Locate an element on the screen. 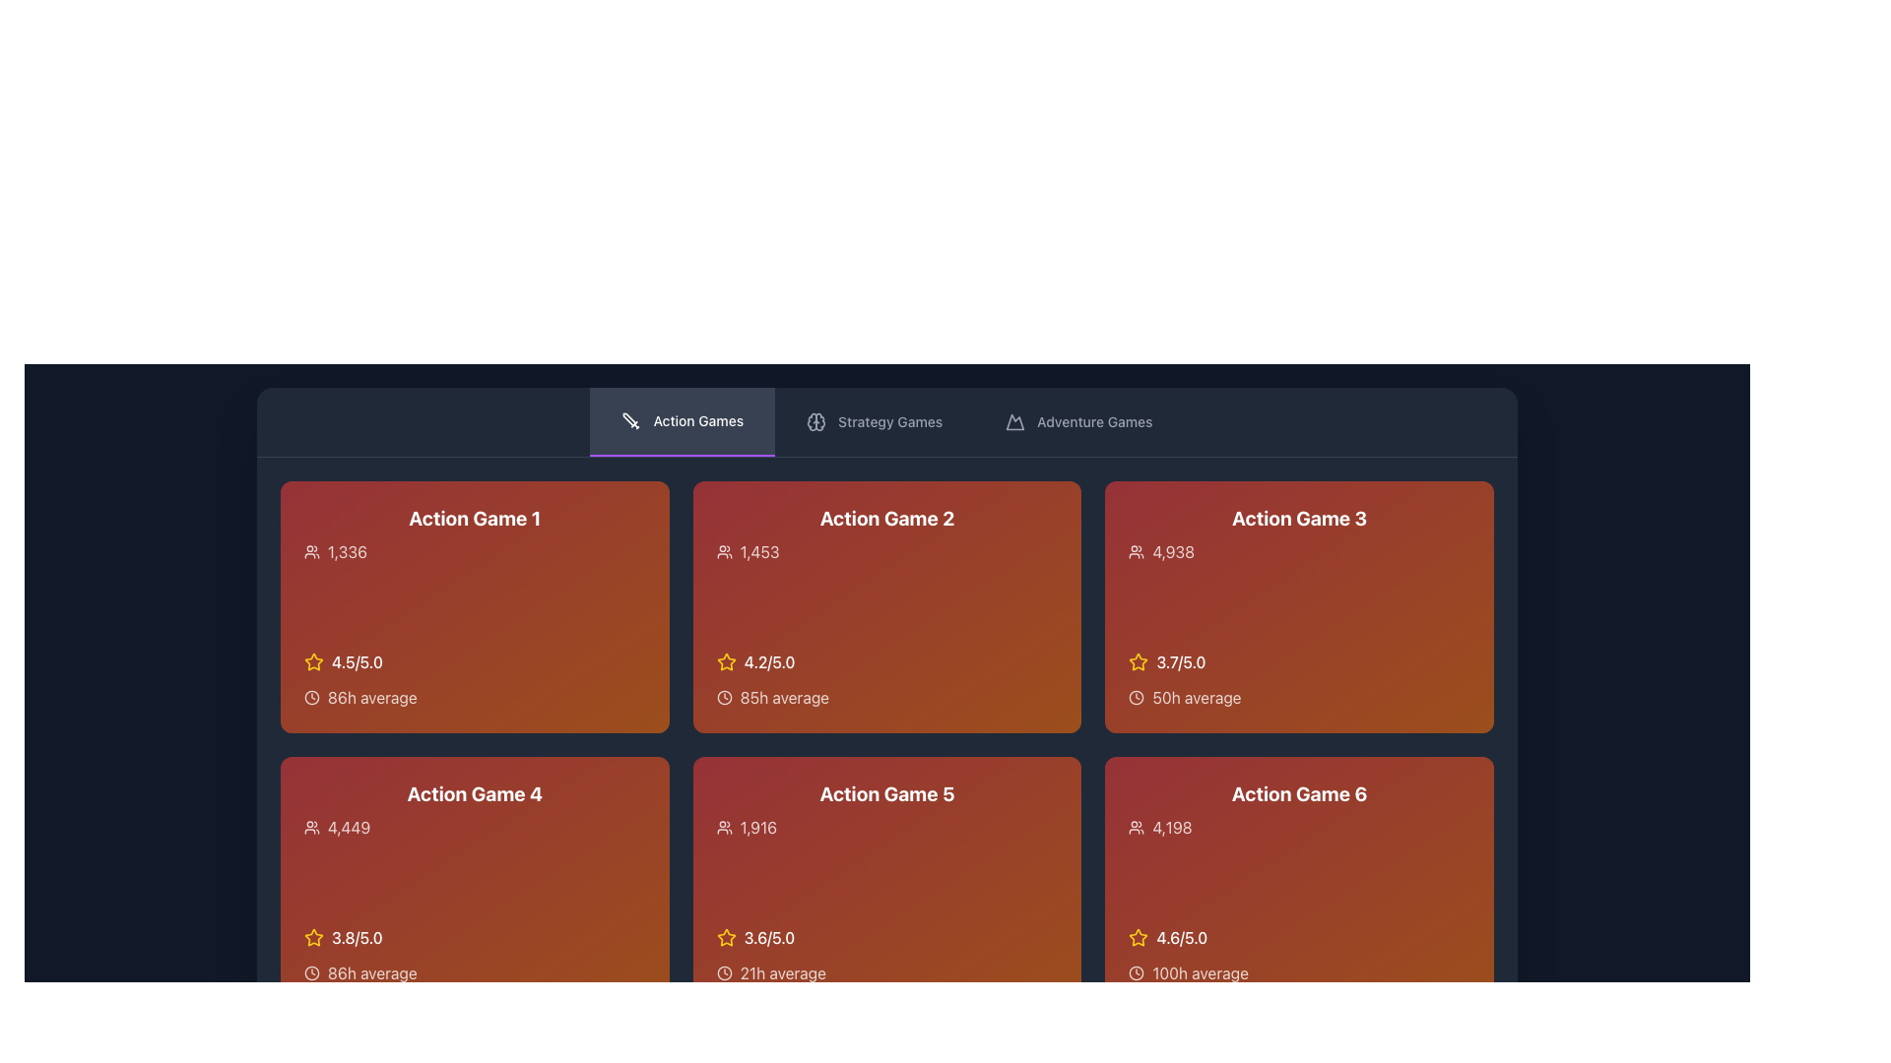 This screenshot has height=1063, width=1891. the graphical circle element representing the clock face within the 'Action Game 2' card is located at coordinates (723, 697).